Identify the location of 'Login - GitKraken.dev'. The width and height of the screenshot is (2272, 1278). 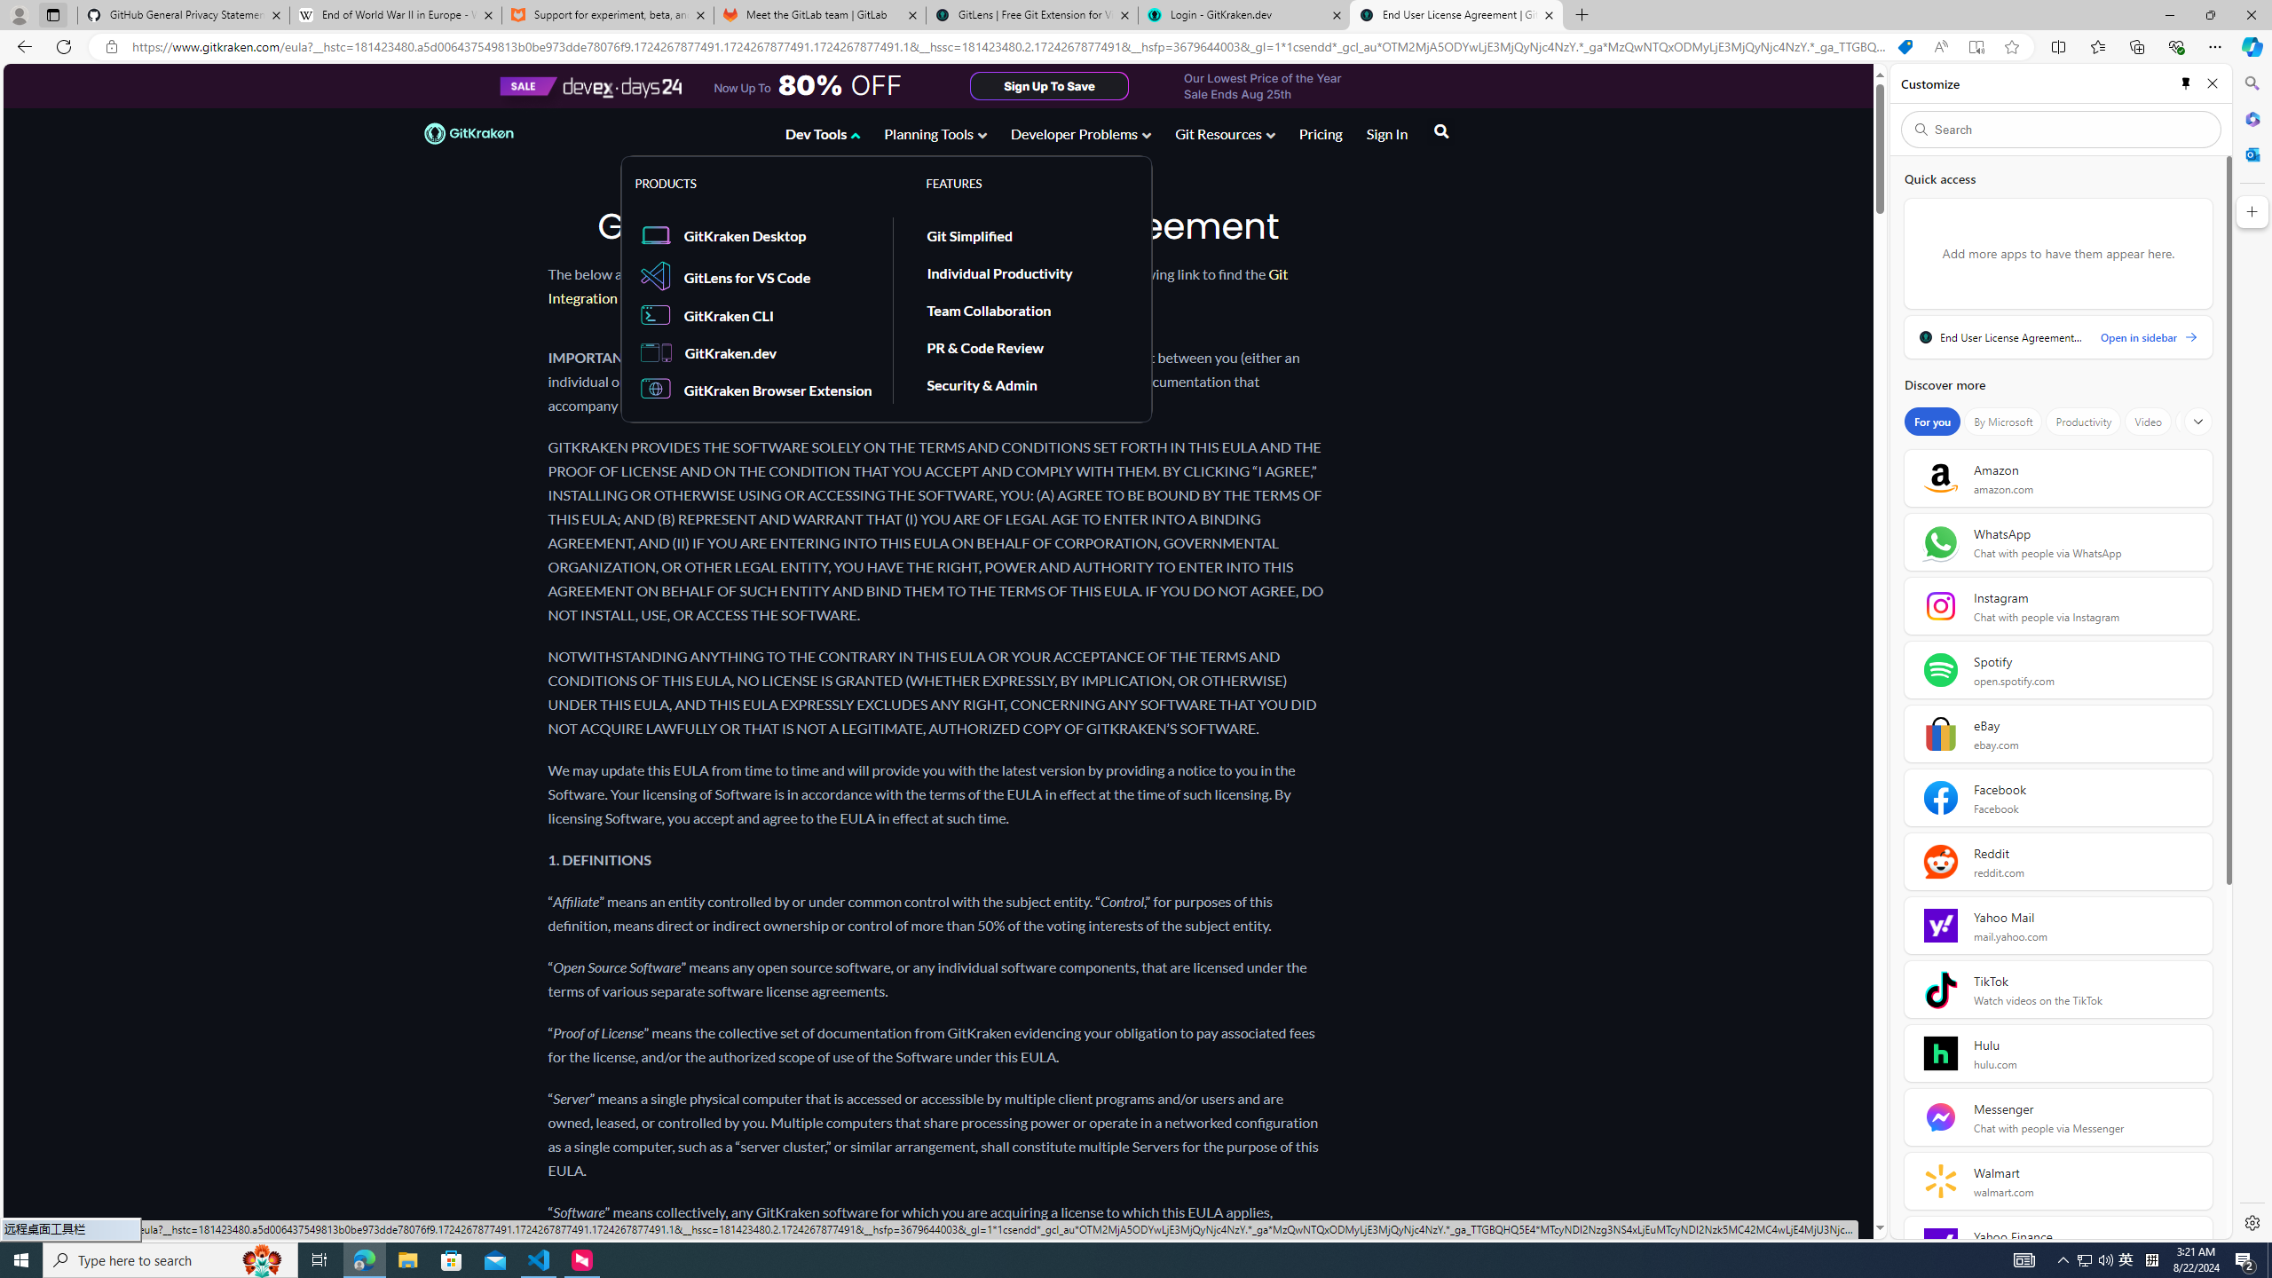
(1244, 14).